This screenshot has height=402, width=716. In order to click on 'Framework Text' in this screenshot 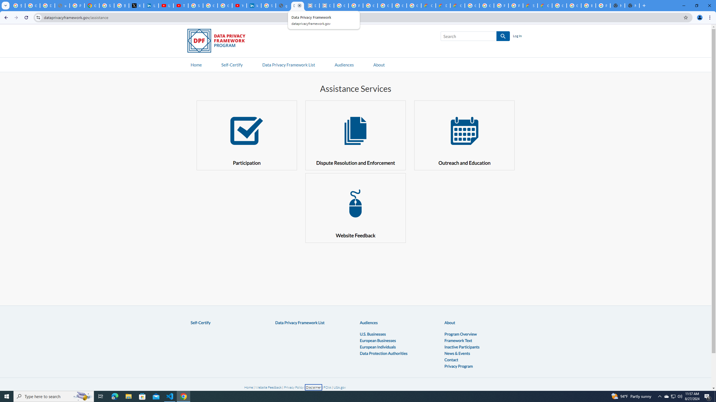, I will do `click(458, 340)`.